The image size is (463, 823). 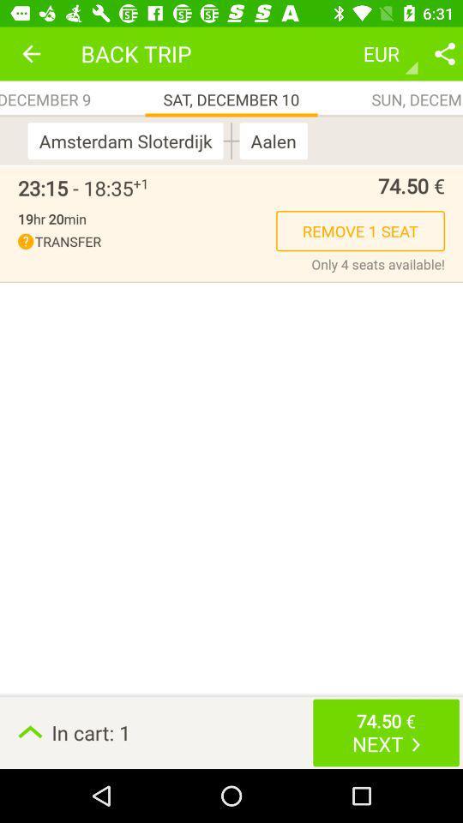 What do you see at coordinates (31, 53) in the screenshot?
I see `the item to the left of back trip item` at bounding box center [31, 53].